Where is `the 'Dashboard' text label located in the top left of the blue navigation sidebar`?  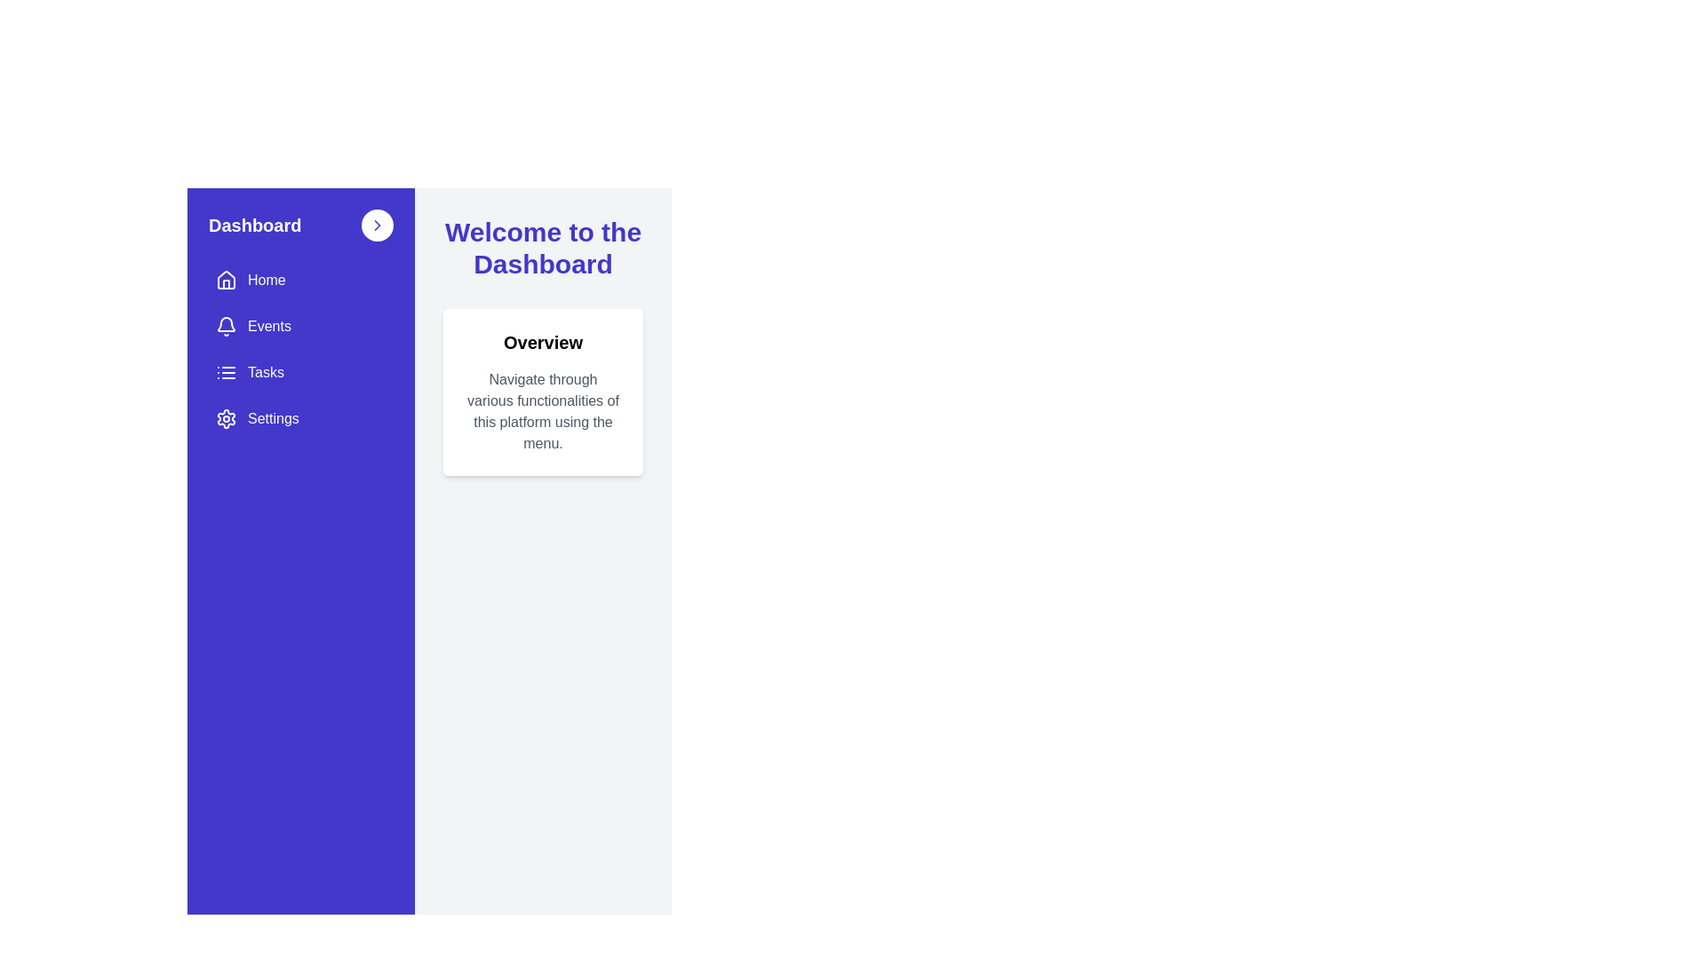 the 'Dashboard' text label located in the top left of the blue navigation sidebar is located at coordinates (254, 225).